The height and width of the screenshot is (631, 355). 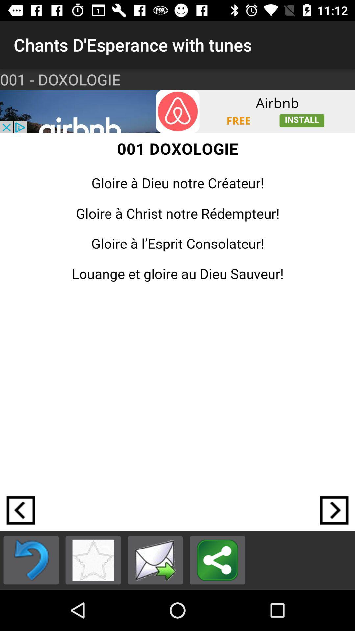 I want to click on share the article, so click(x=217, y=560).